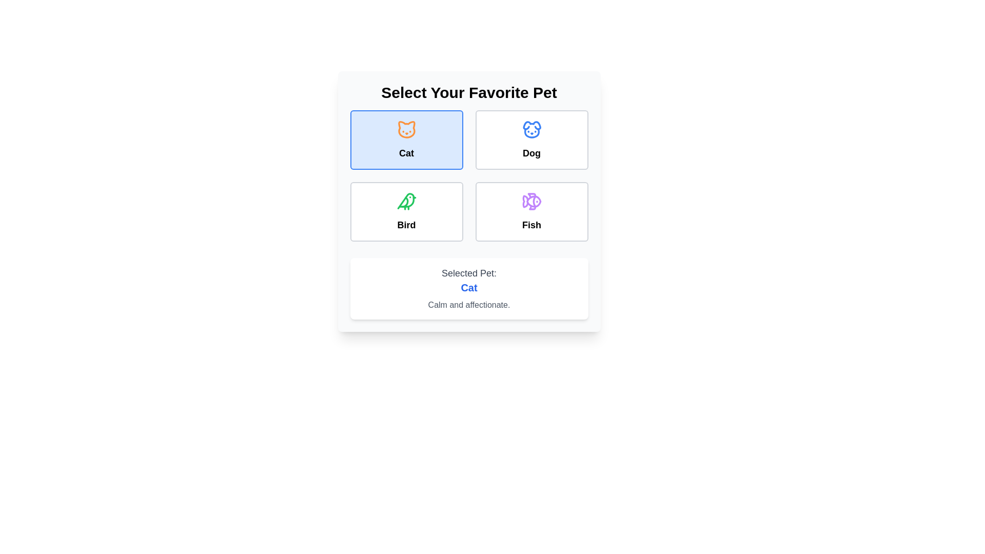 The image size is (985, 554). Describe the element at coordinates (531, 225) in the screenshot. I see `text label that represents the option 'Fish', located in the bottom-right card of a 2x2 grid layout, beneath the 'Dog' card and next to the 'Bird' card` at that location.